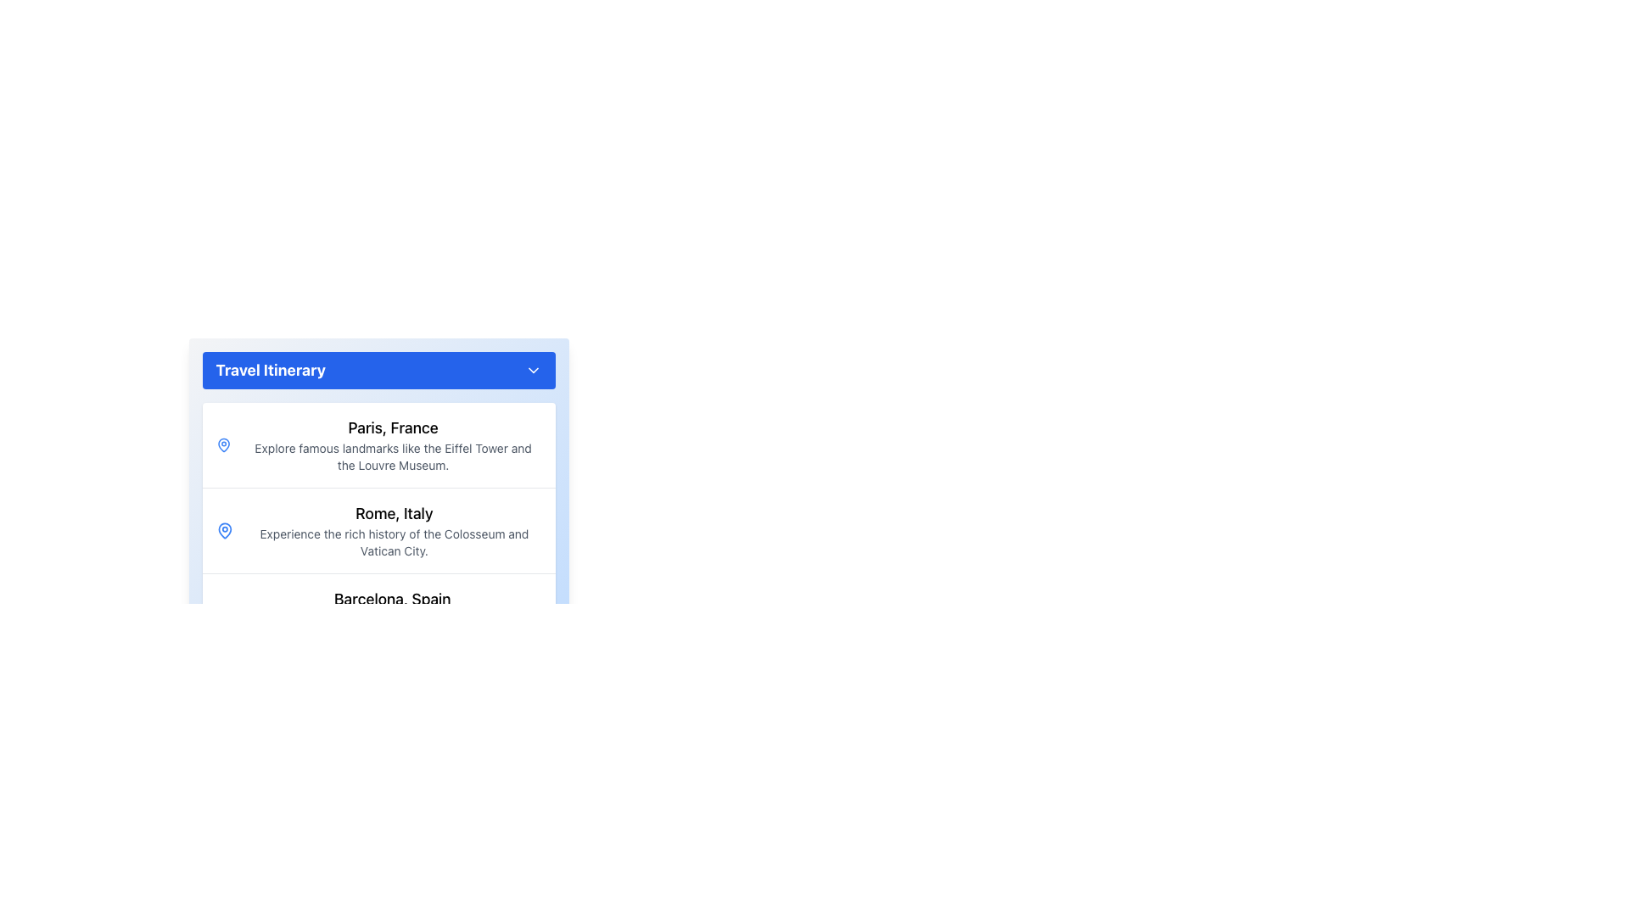  Describe the element at coordinates (391, 598) in the screenshot. I see `text label titled 'Barcelona, Spain' which is displayed in bold black font as the third title in the 'Travel Itinerary' section` at that location.